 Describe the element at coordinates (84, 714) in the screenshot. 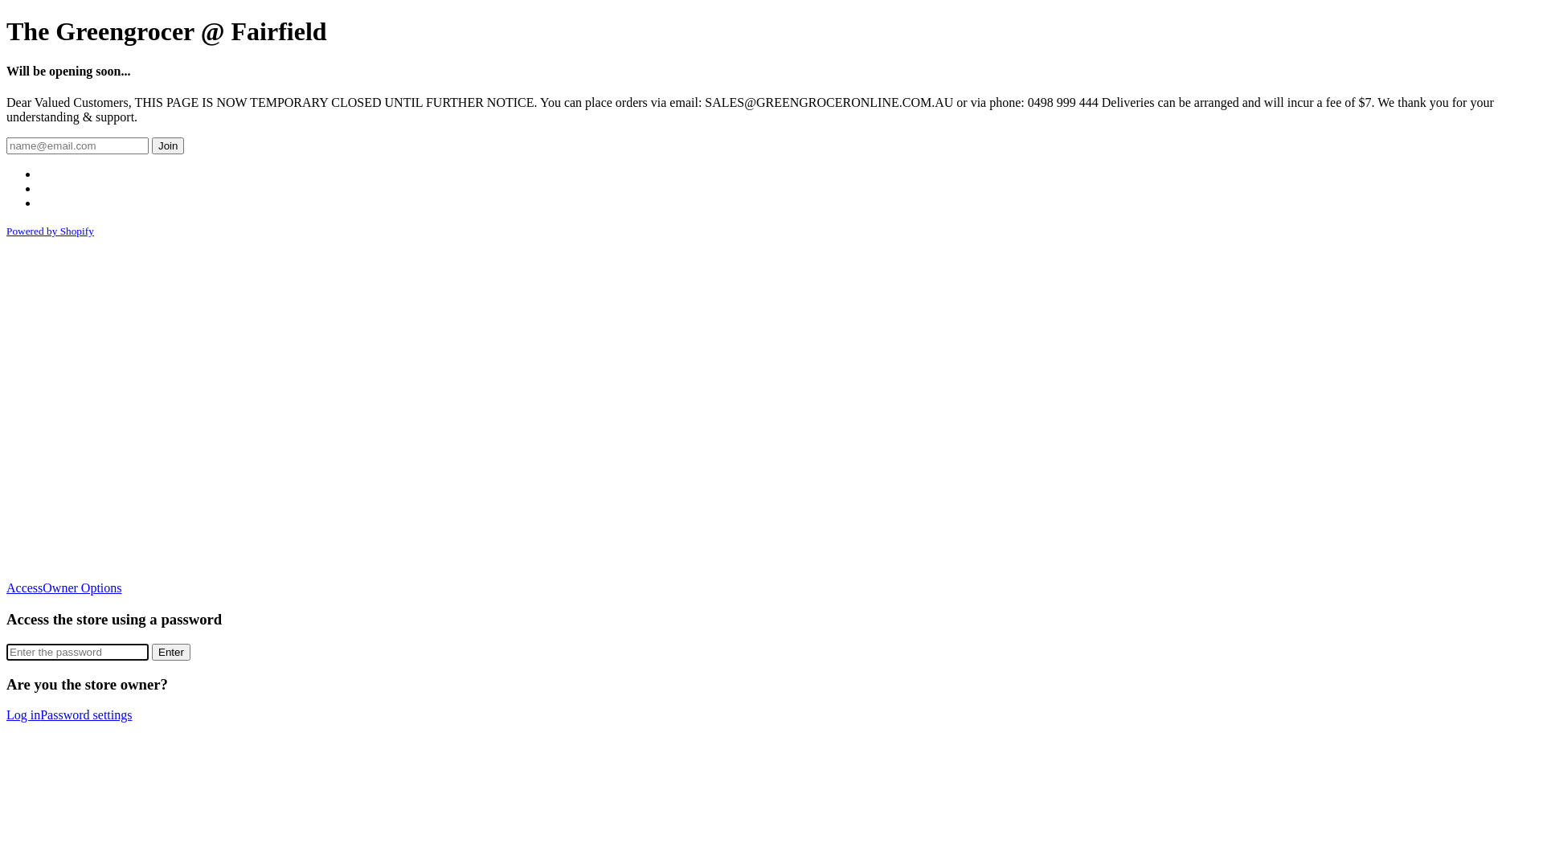

I see `'Password settings'` at that location.